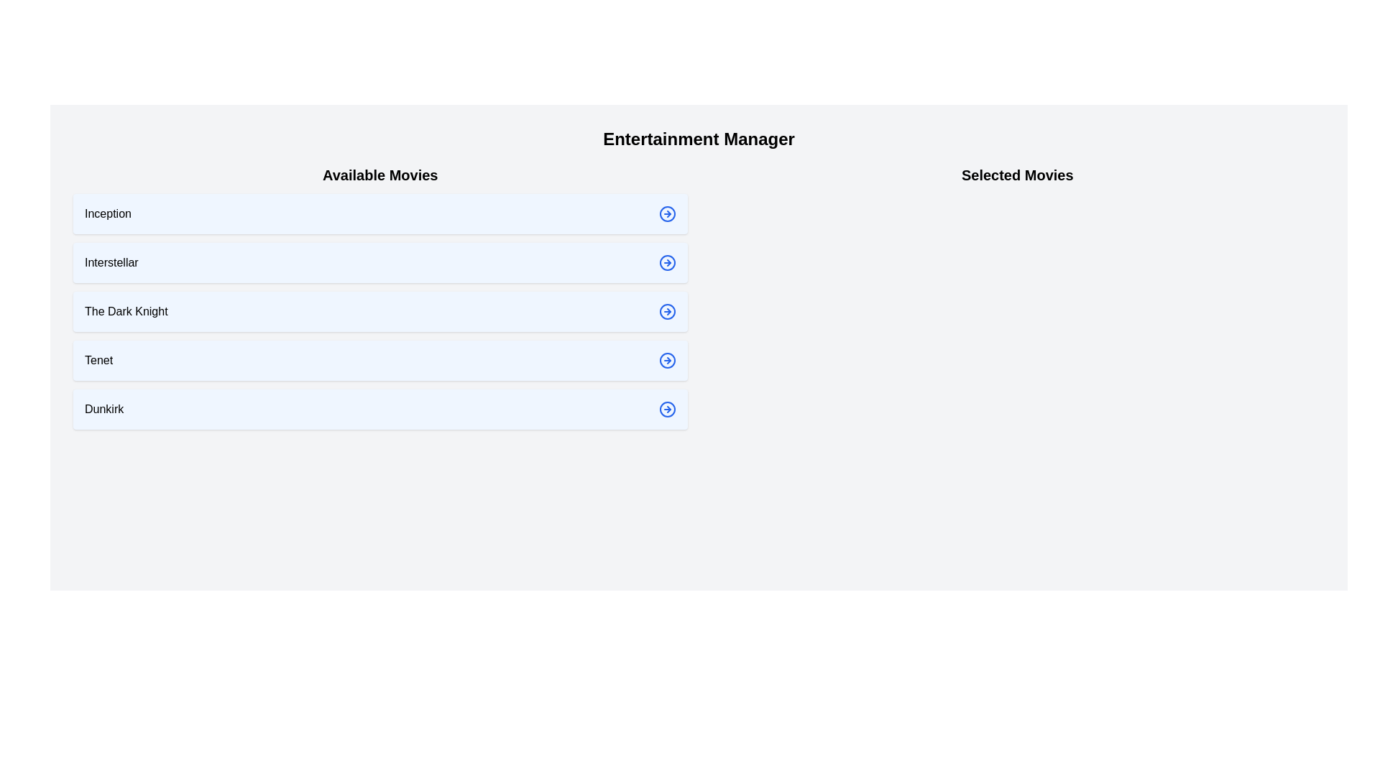  Describe the element at coordinates (666, 311) in the screenshot. I see `the arrow icon next to the movie The Dark Knight to select it` at that location.